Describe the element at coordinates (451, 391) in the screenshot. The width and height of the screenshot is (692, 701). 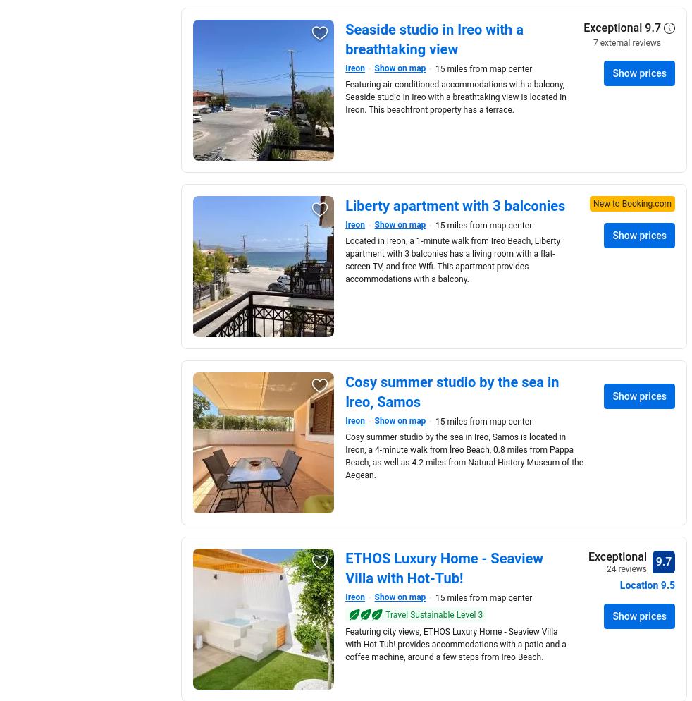
I see `'Cosy summer studio by the sea in Ireo, Samos'` at that location.